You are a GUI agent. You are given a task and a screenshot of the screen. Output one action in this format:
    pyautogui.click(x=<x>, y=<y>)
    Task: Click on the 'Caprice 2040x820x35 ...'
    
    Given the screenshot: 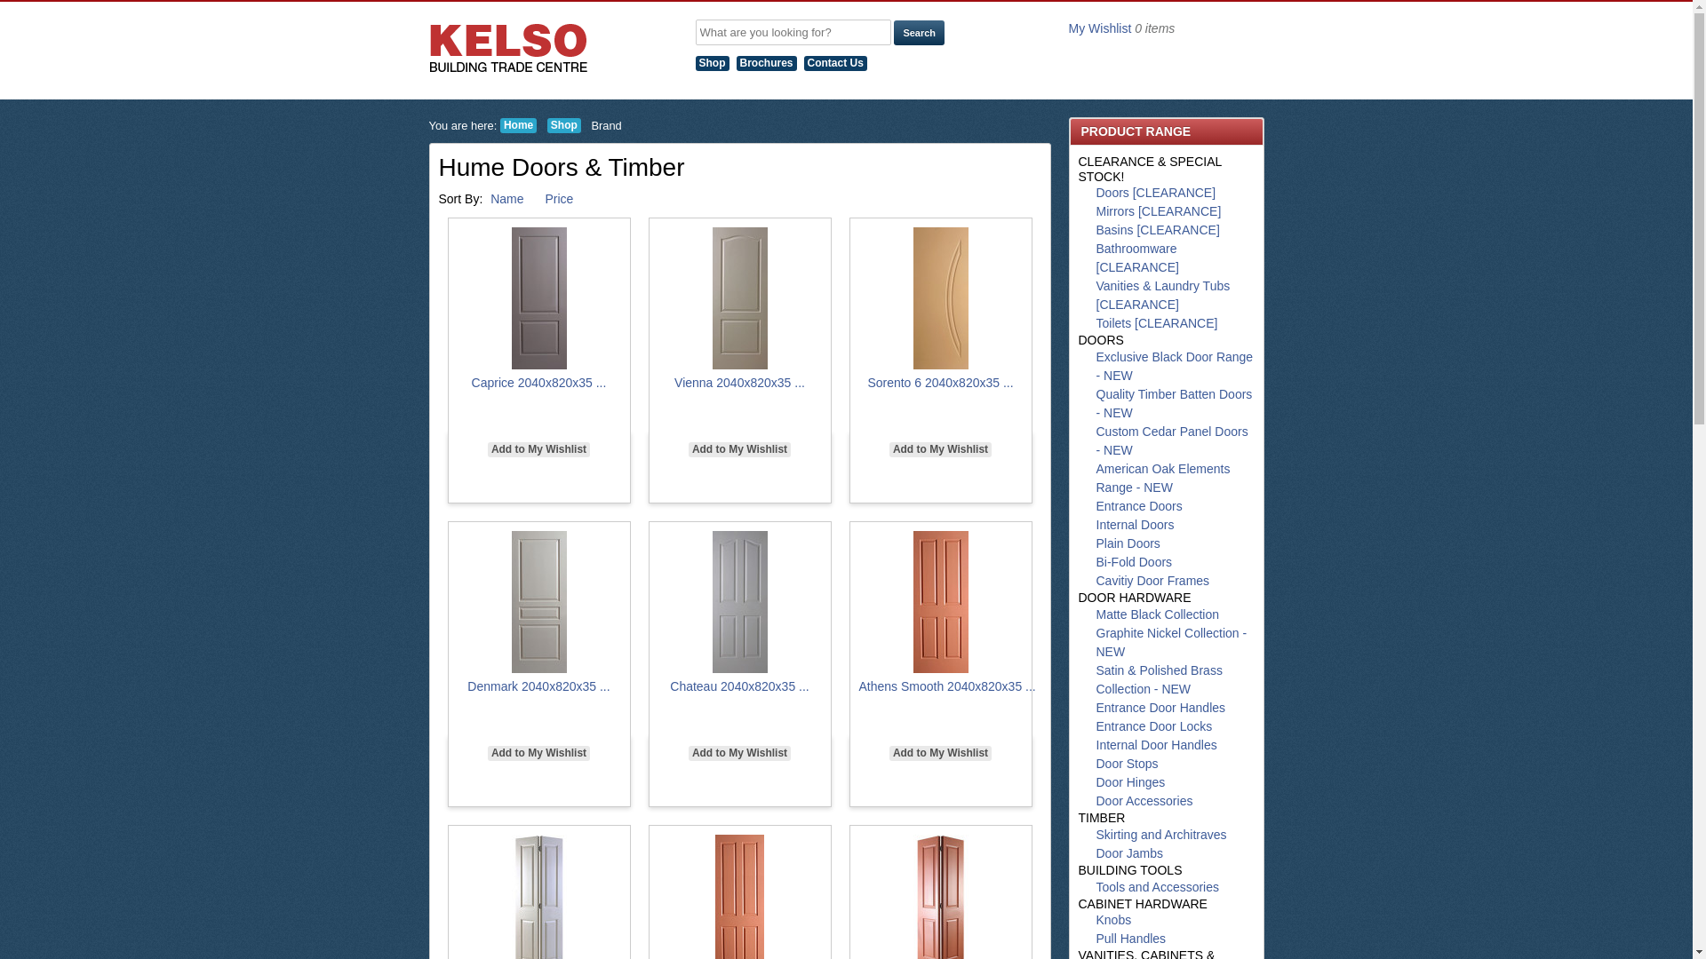 What is the action you would take?
    pyautogui.click(x=472, y=382)
    